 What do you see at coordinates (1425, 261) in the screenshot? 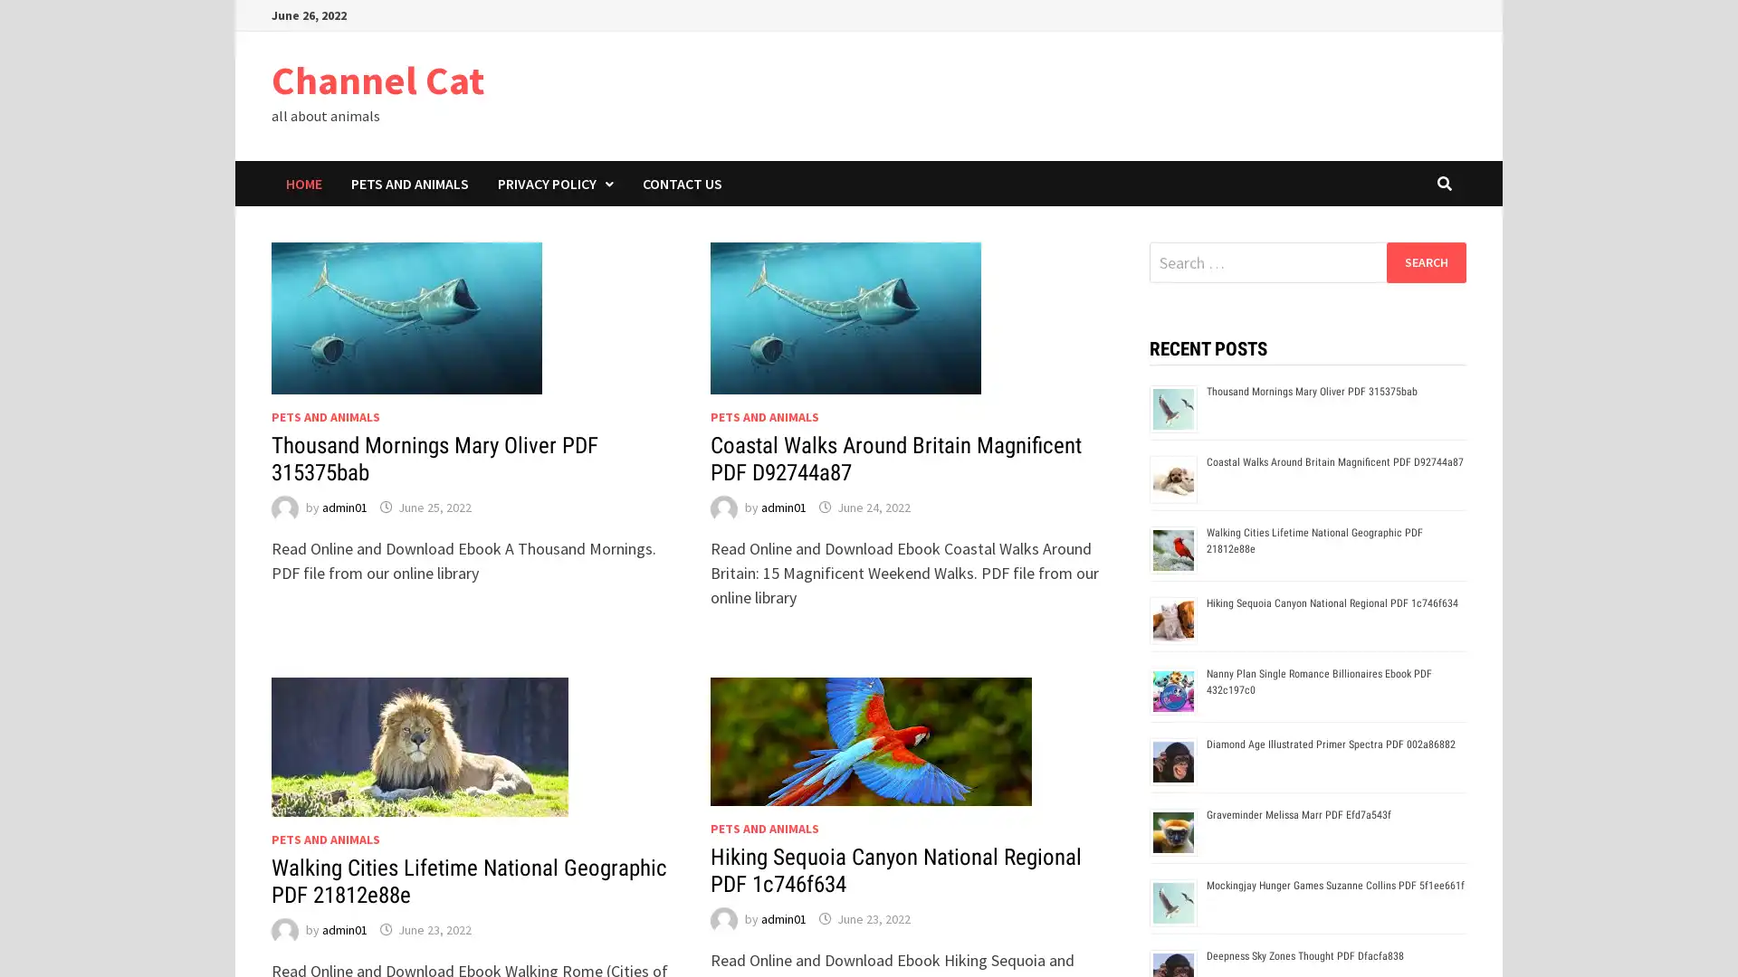
I see `Search` at bounding box center [1425, 261].